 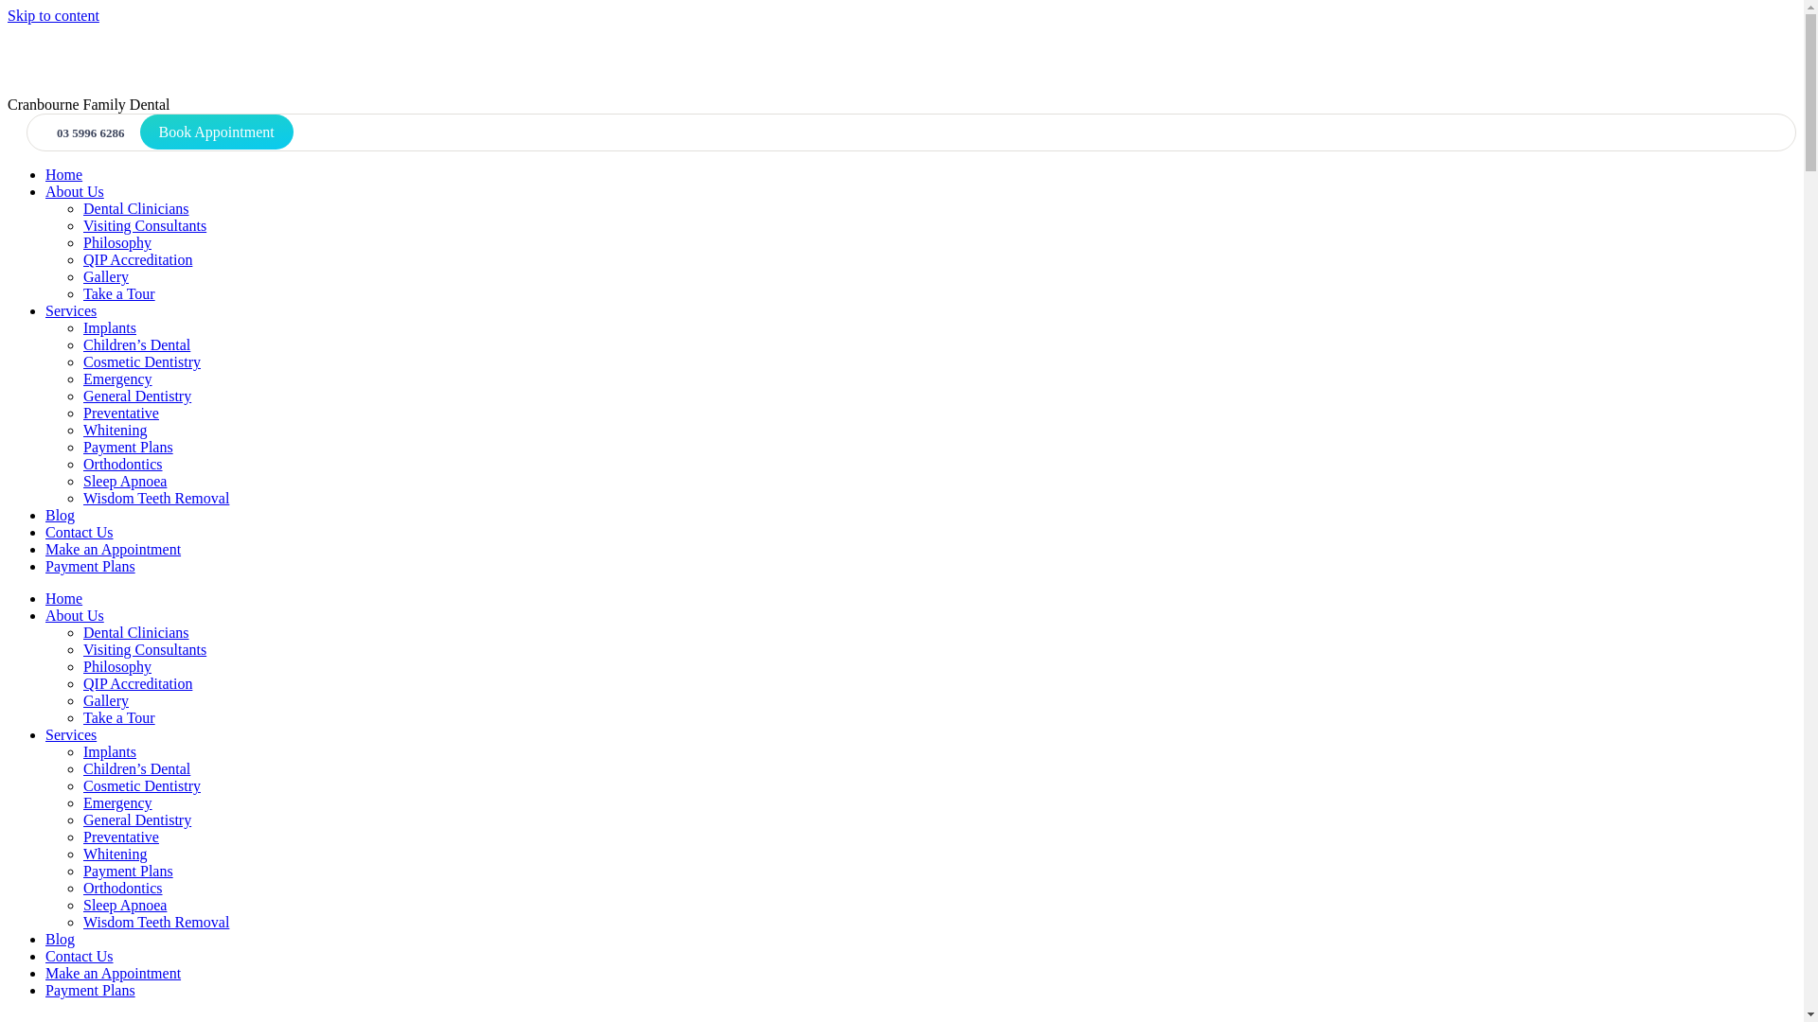 I want to click on 'Make an Appointment', so click(x=112, y=549).